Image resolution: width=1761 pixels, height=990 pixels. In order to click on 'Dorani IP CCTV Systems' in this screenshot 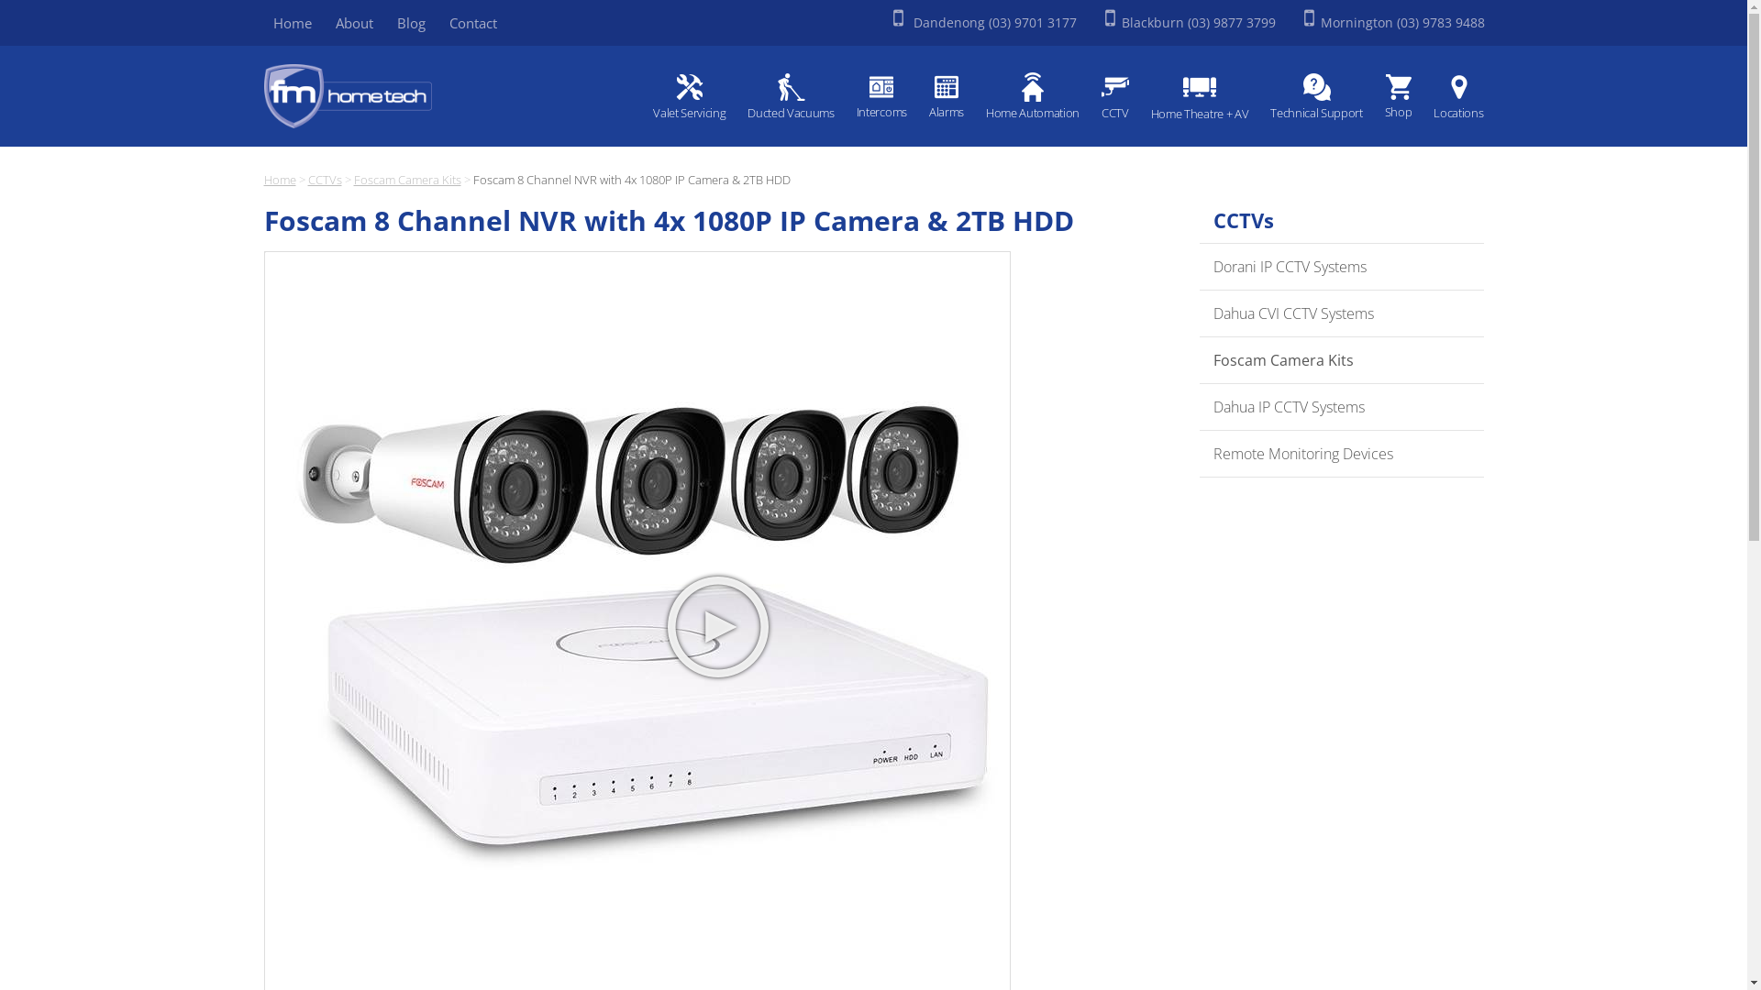, I will do `click(1342, 267)`.